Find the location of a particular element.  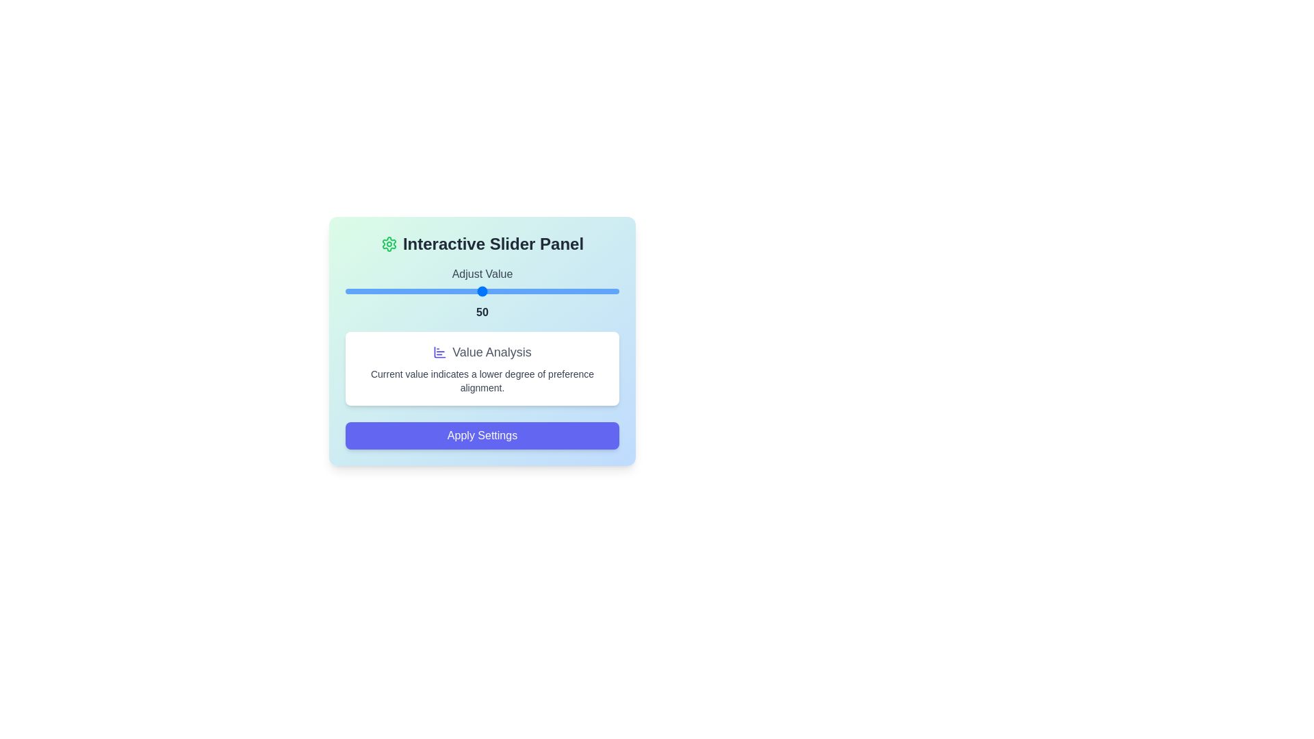

'Apply Settings' button to confirm the selection is located at coordinates (482, 435).